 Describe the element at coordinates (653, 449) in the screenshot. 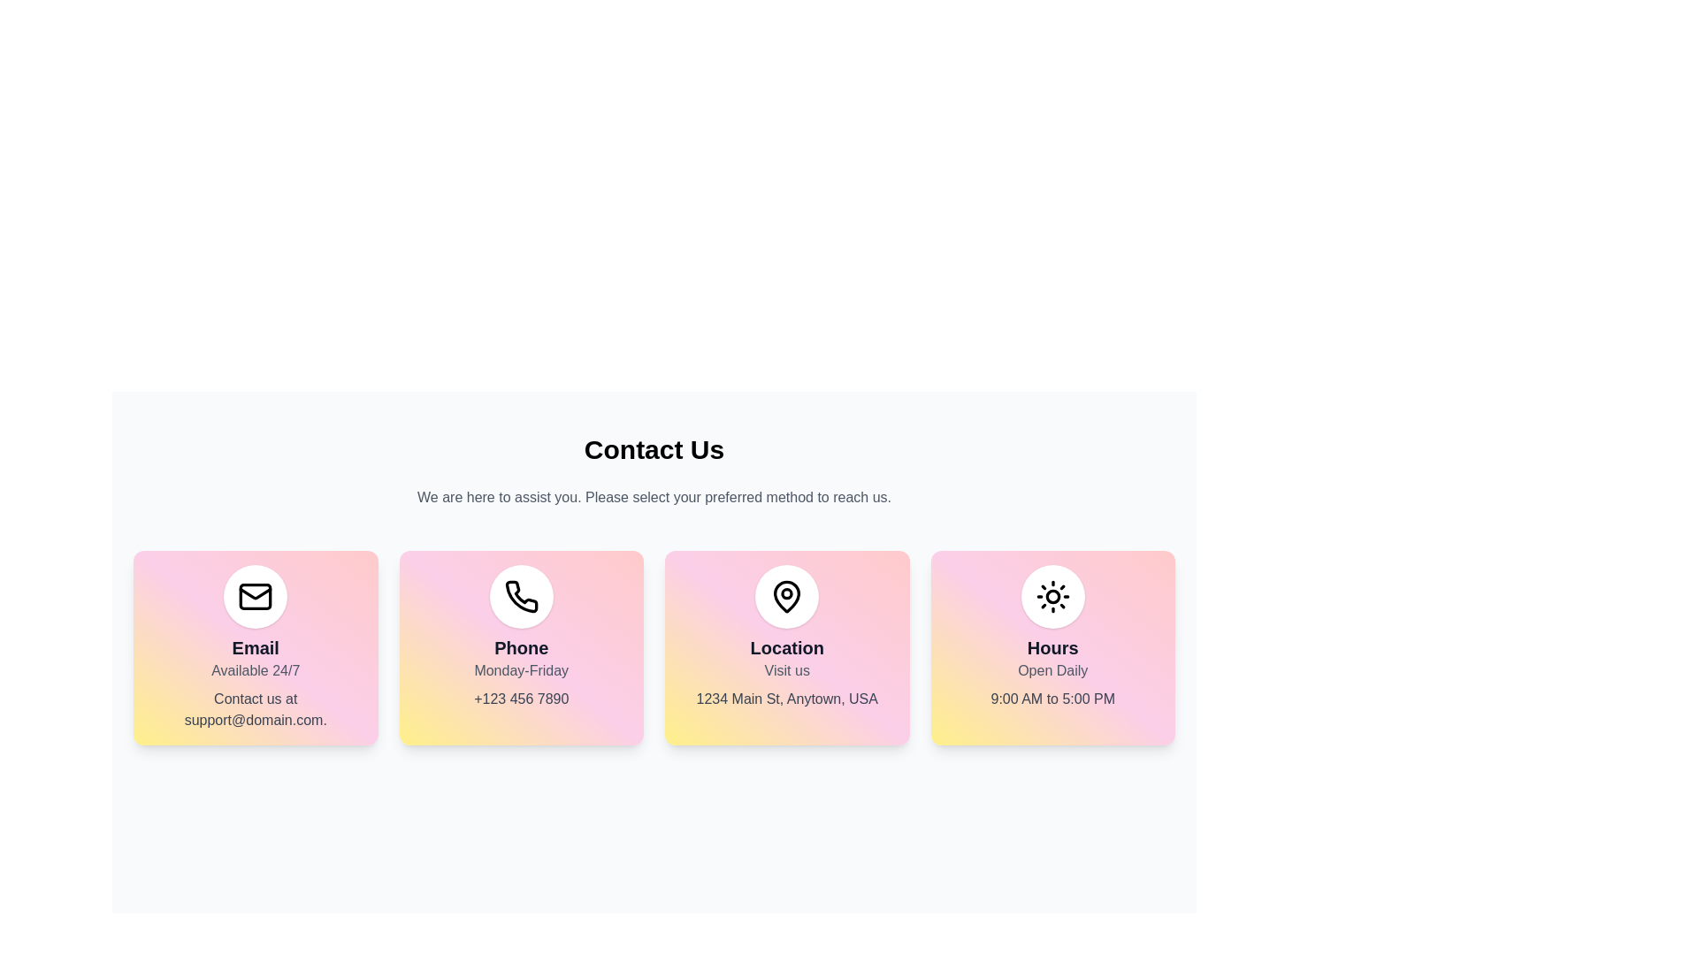

I see `the 'Contact Us' text heading, which is displayed in bold, large font and is centered above other content sections` at that location.